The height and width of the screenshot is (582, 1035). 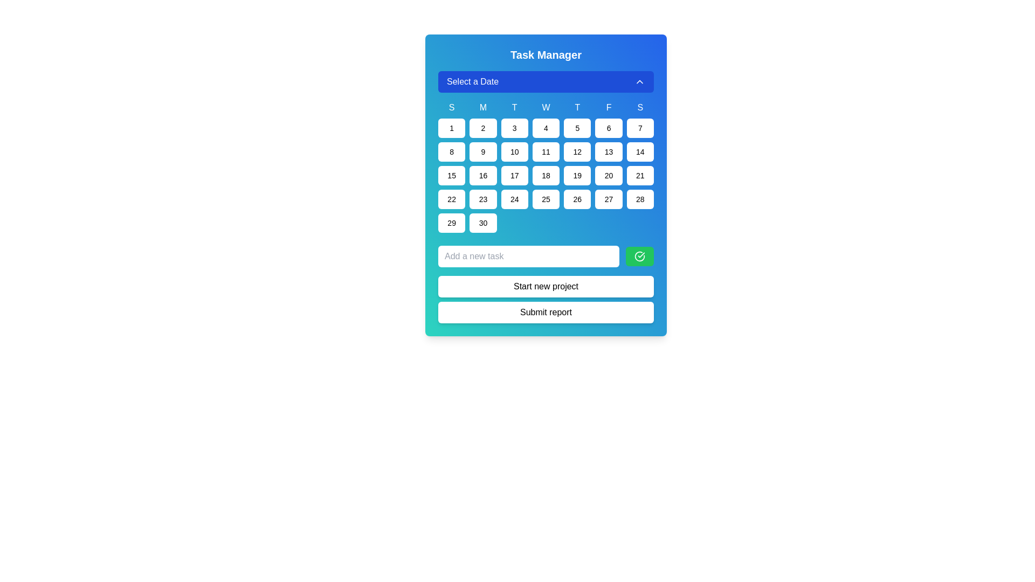 I want to click on the chevron-shaped icon located inside the 'Select a Date' dropdown button, so click(x=639, y=81).